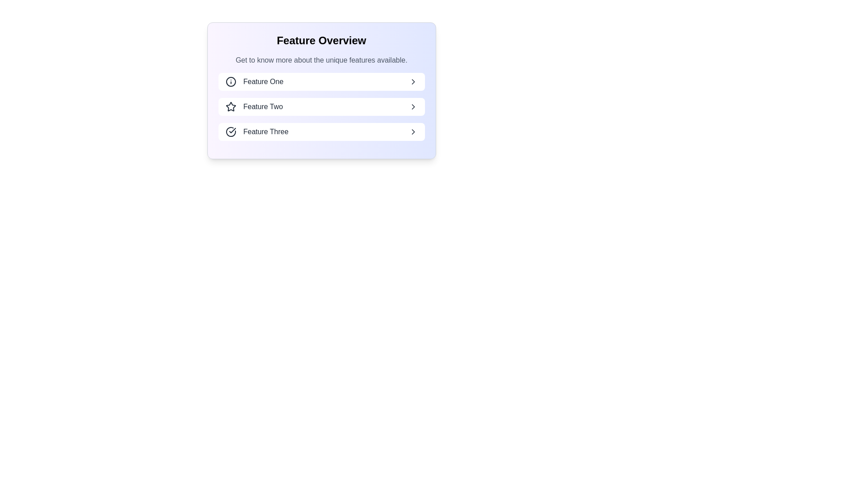 The height and width of the screenshot is (483, 858). What do you see at coordinates (265, 131) in the screenshot?
I see `the text label displaying 'Feature Three', which is part of a labeled list of features and right-aligned to a check mark icon` at bounding box center [265, 131].